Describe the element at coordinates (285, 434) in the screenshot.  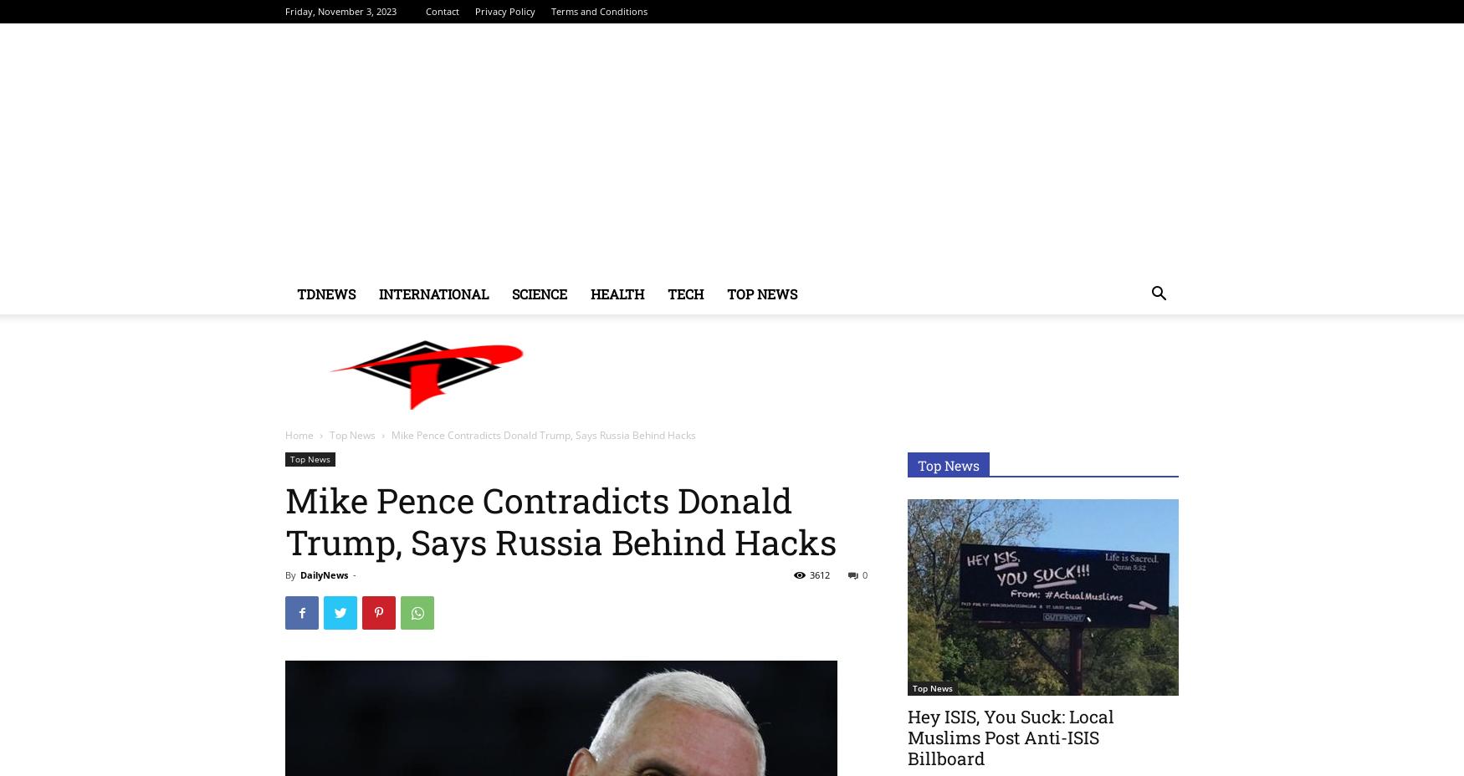
I see `'Home'` at that location.